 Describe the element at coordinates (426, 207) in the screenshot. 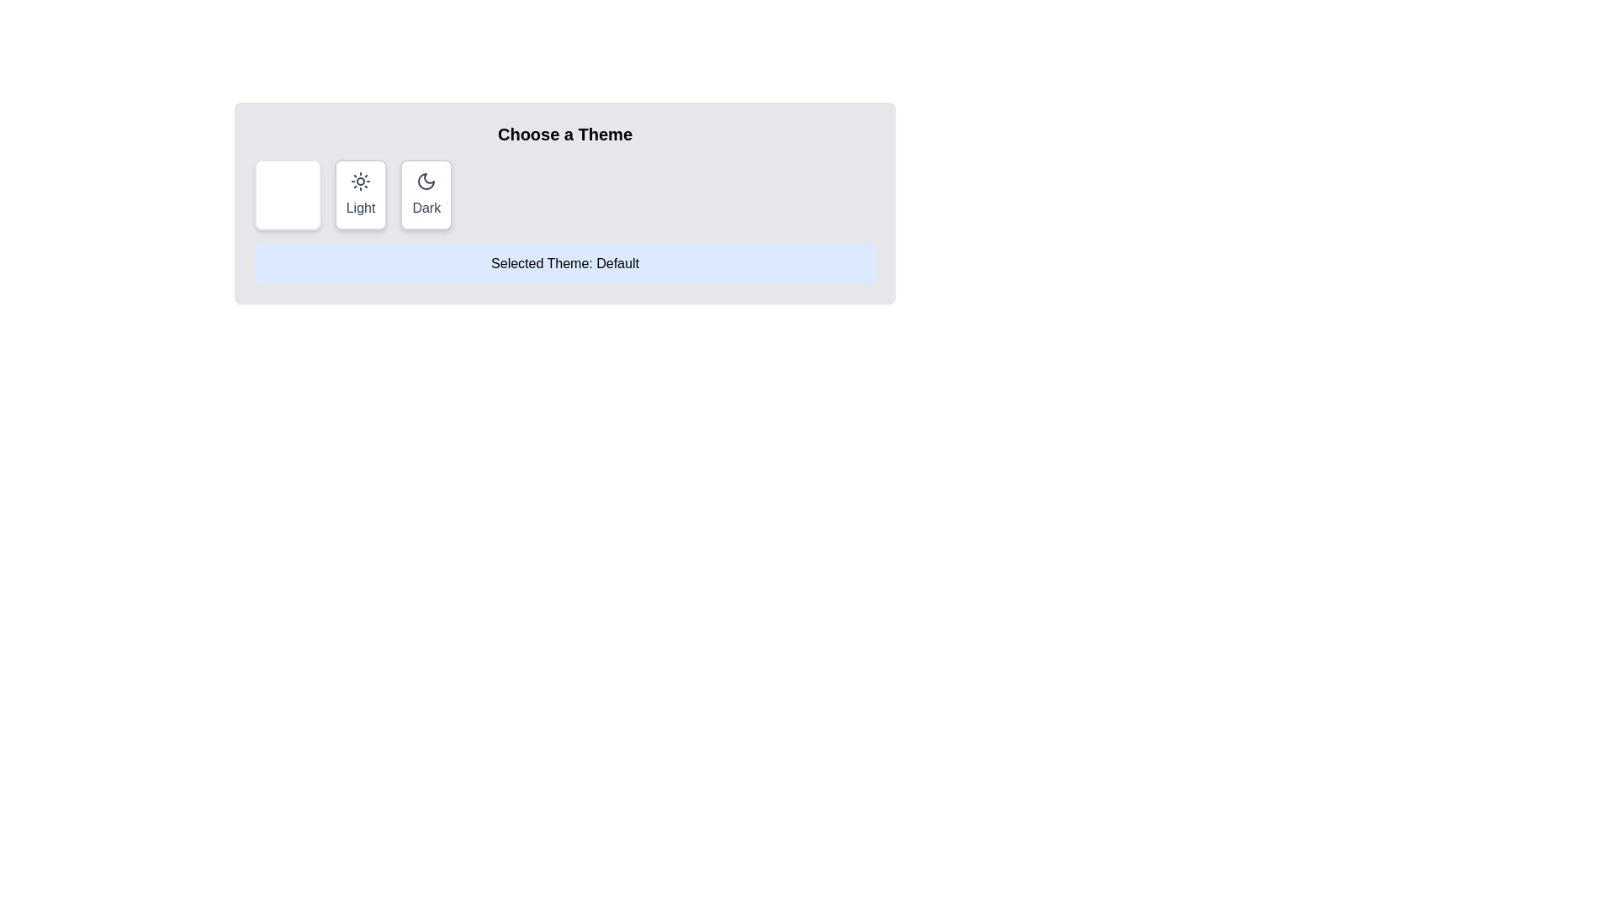

I see `the text label reading 'Dark' which is part of the theme selection section and located towards the upper-right portion of the page` at that location.